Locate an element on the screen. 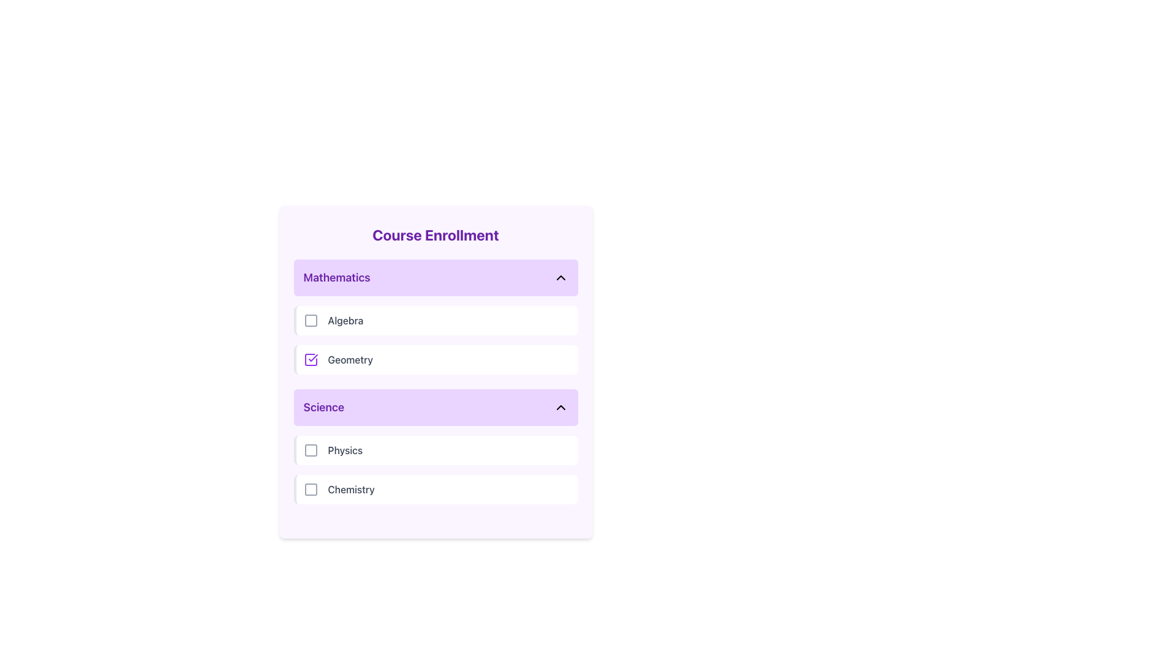  the checkbox list item for the course 'Chemistry' located under the 'Science' section, following the 'Physics' row is located at coordinates (435, 488).